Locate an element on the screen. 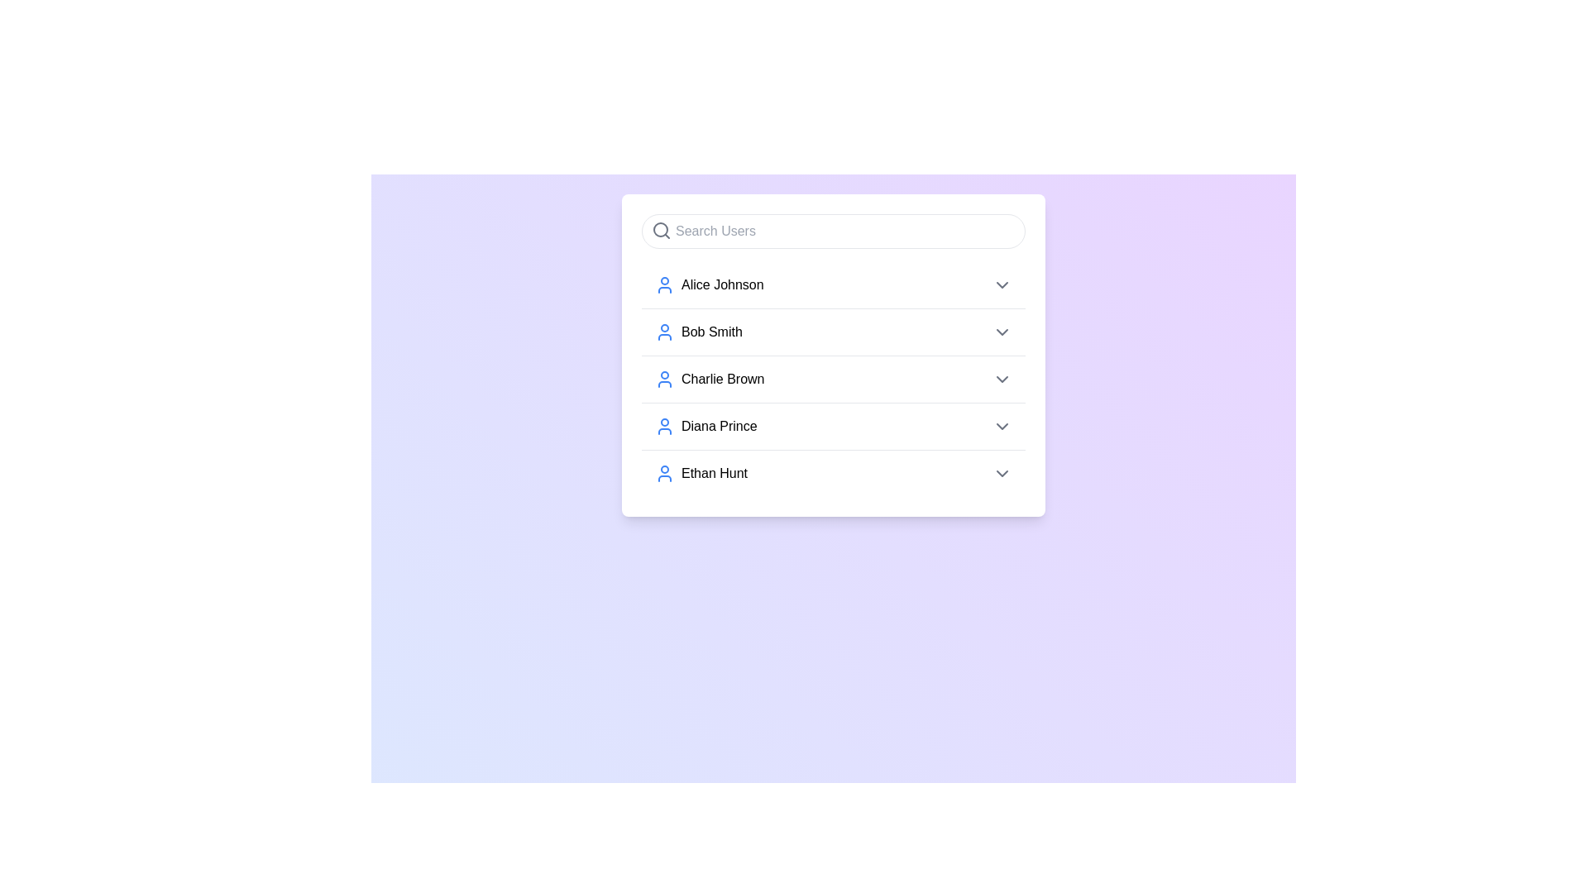  the user's profile silhouette icon, which has a blue outline and white interior, located to the left of the text 'Bob Smith' in the second row of the user list is located at coordinates (665, 332).